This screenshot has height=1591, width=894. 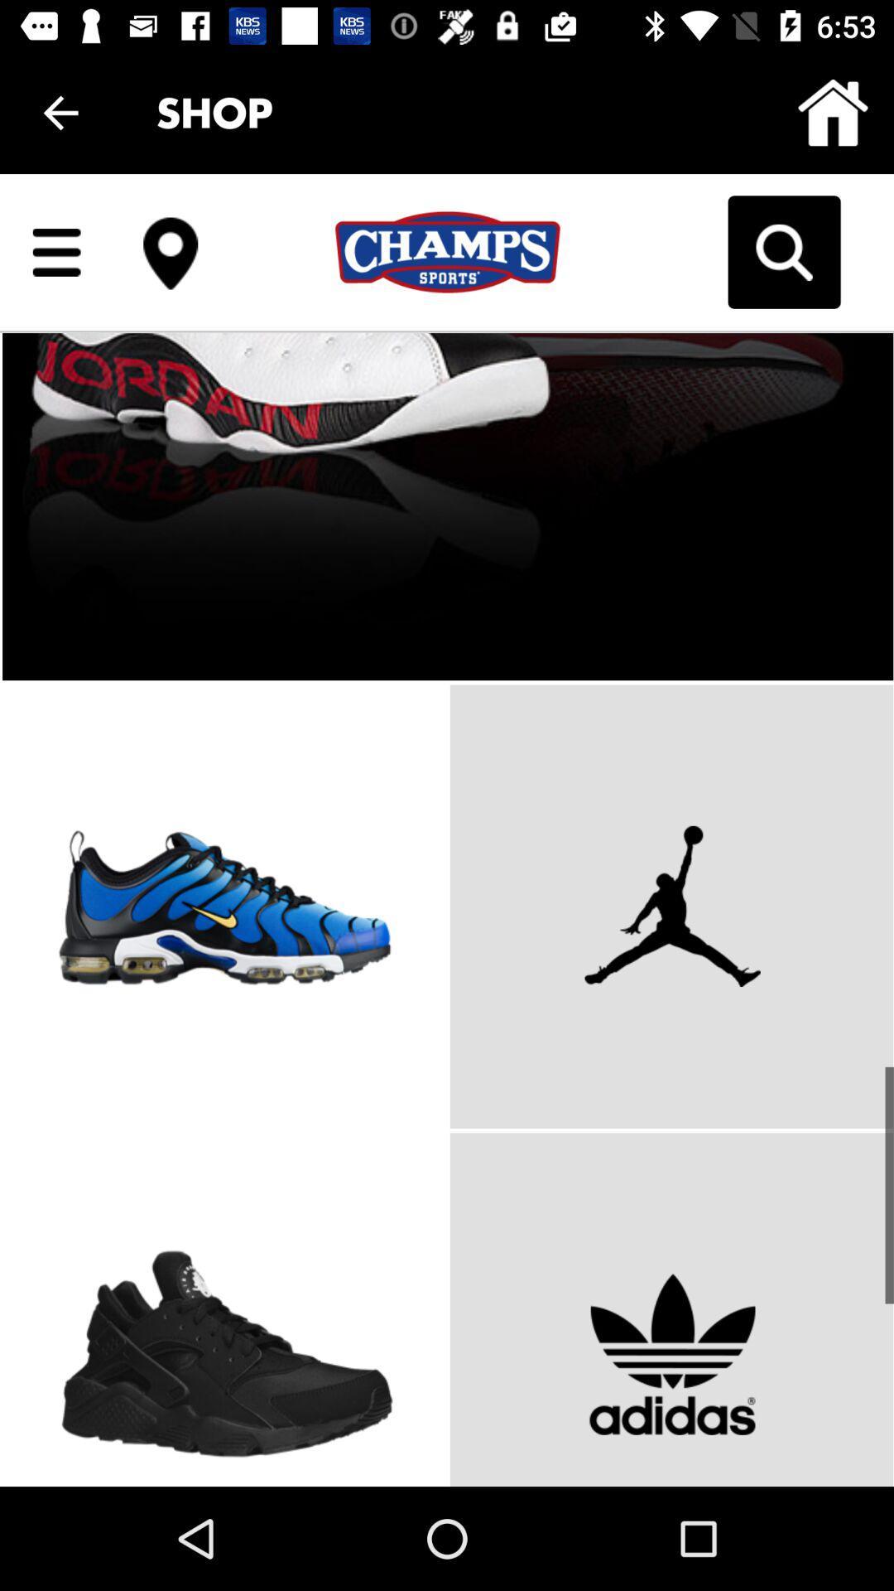 I want to click on body, so click(x=447, y=830).